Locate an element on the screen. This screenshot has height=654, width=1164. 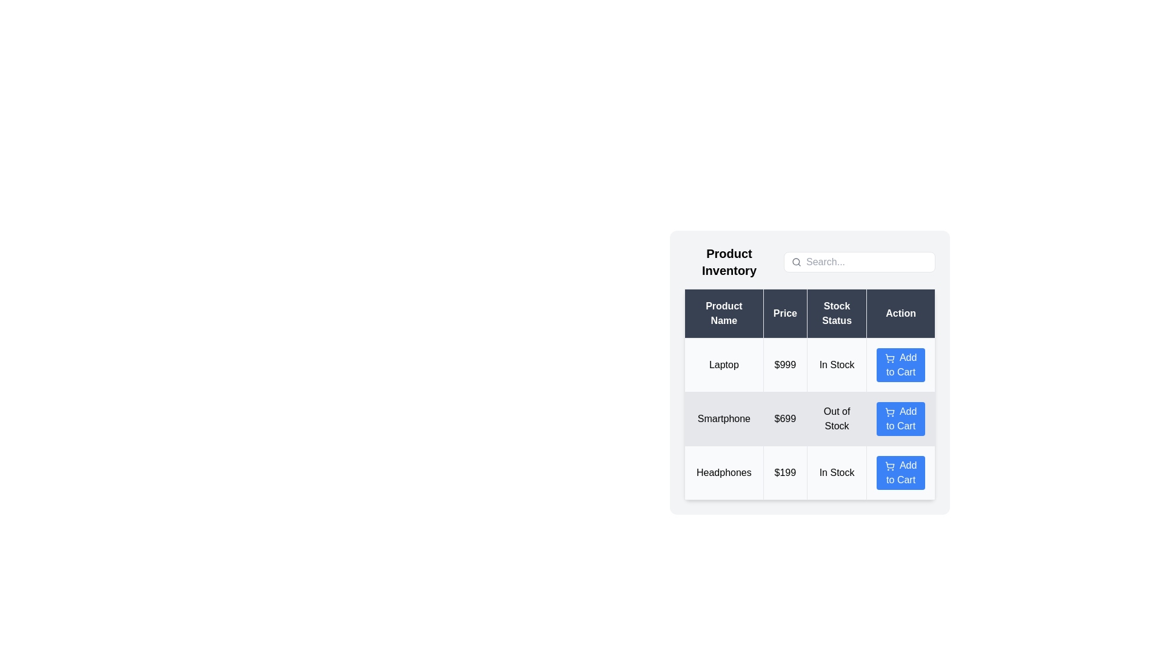
the search input field and type the query 'Laptop' is located at coordinates (866, 261).